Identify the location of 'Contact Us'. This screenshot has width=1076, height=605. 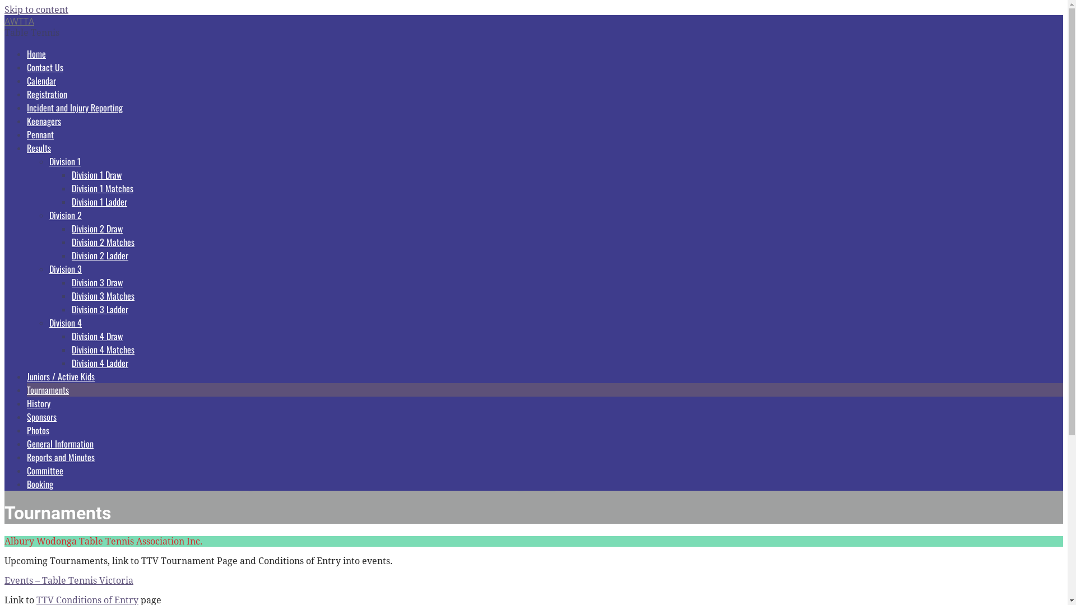
(45, 67).